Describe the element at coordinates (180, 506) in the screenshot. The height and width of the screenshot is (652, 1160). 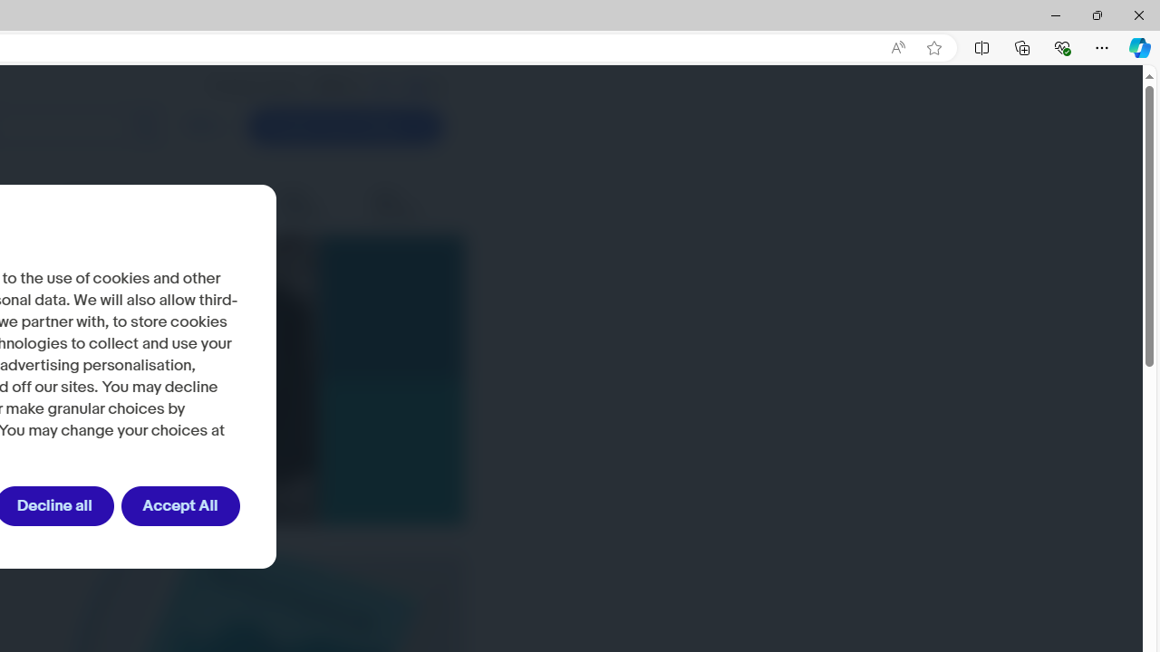
I see `'Accept All'` at that location.